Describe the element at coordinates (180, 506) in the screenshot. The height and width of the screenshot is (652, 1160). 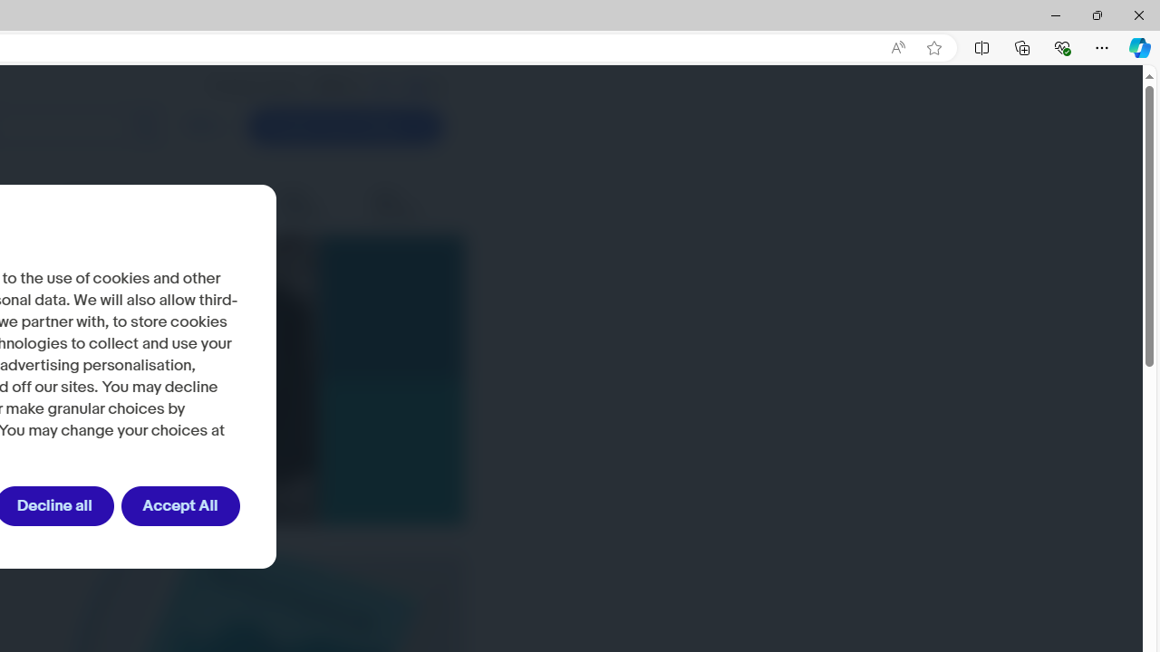
I see `'Accept All'` at that location.